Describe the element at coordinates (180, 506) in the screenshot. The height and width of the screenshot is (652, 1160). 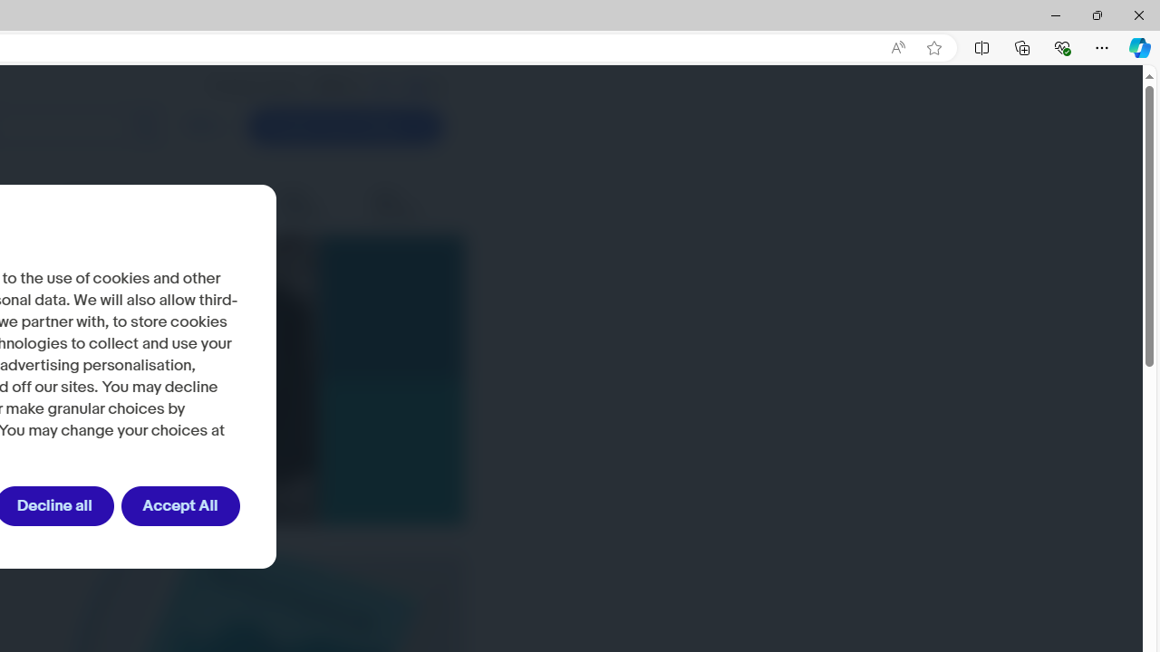
I see `'Accept All'` at that location.